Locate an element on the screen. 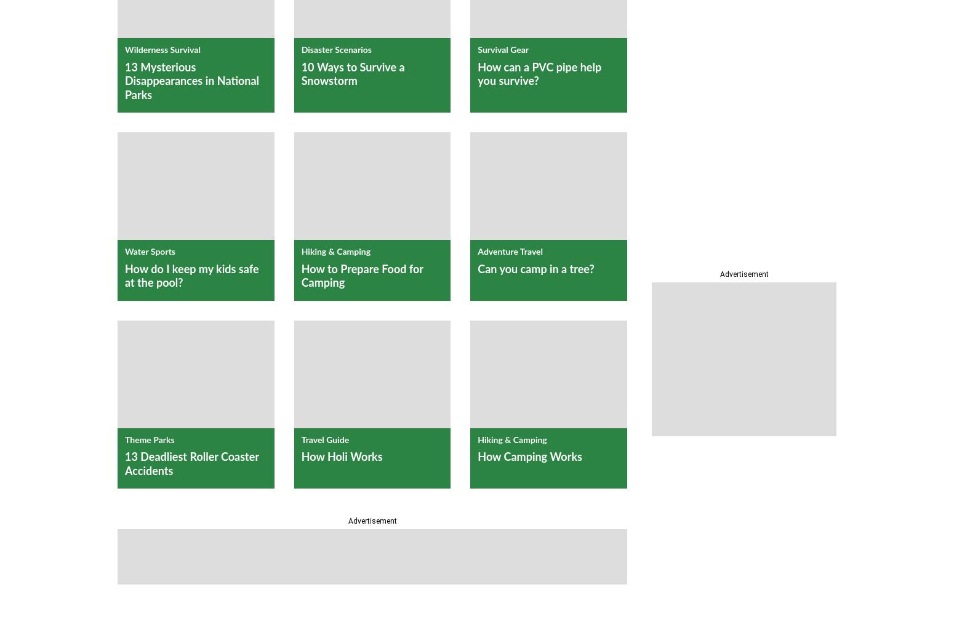 The width and height of the screenshot is (954, 627). 'Travel Guide' is located at coordinates (324, 440).